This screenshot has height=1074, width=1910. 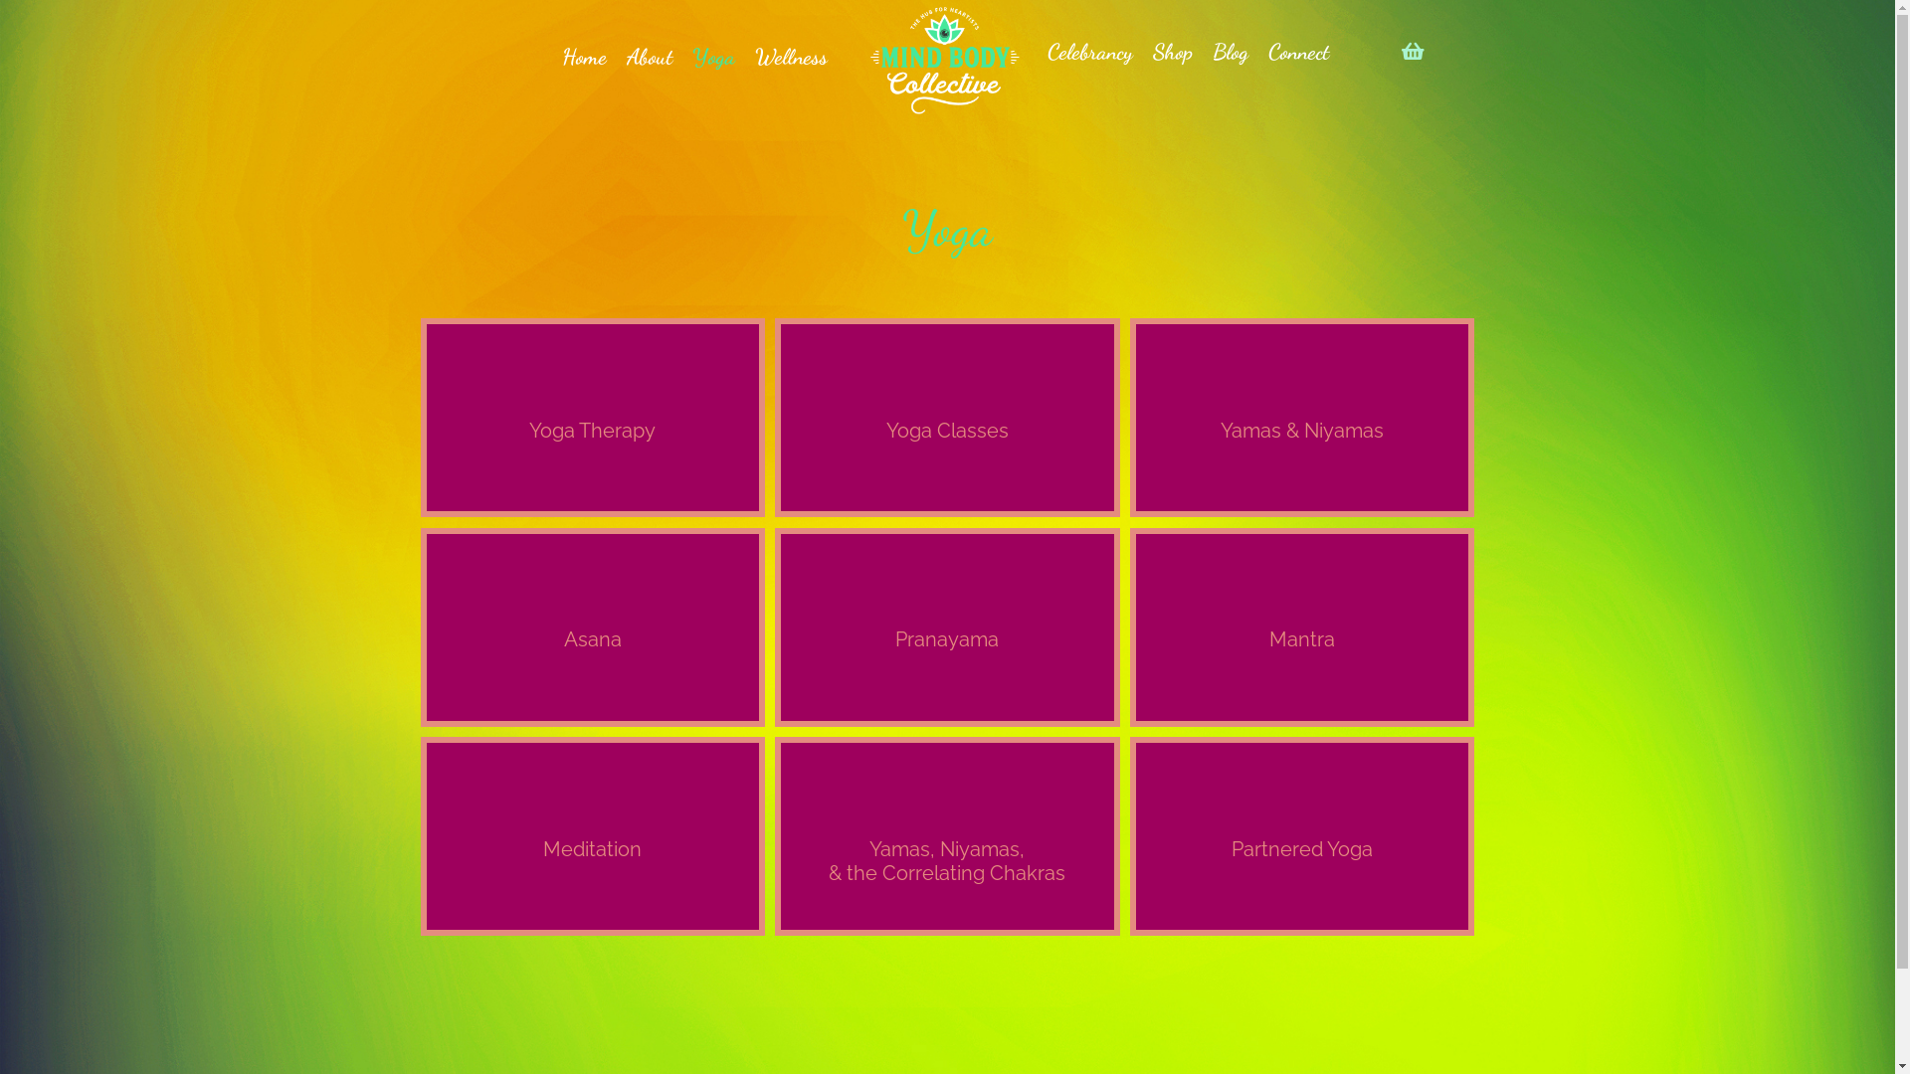 I want to click on 'Connect', so click(x=1257, y=52).